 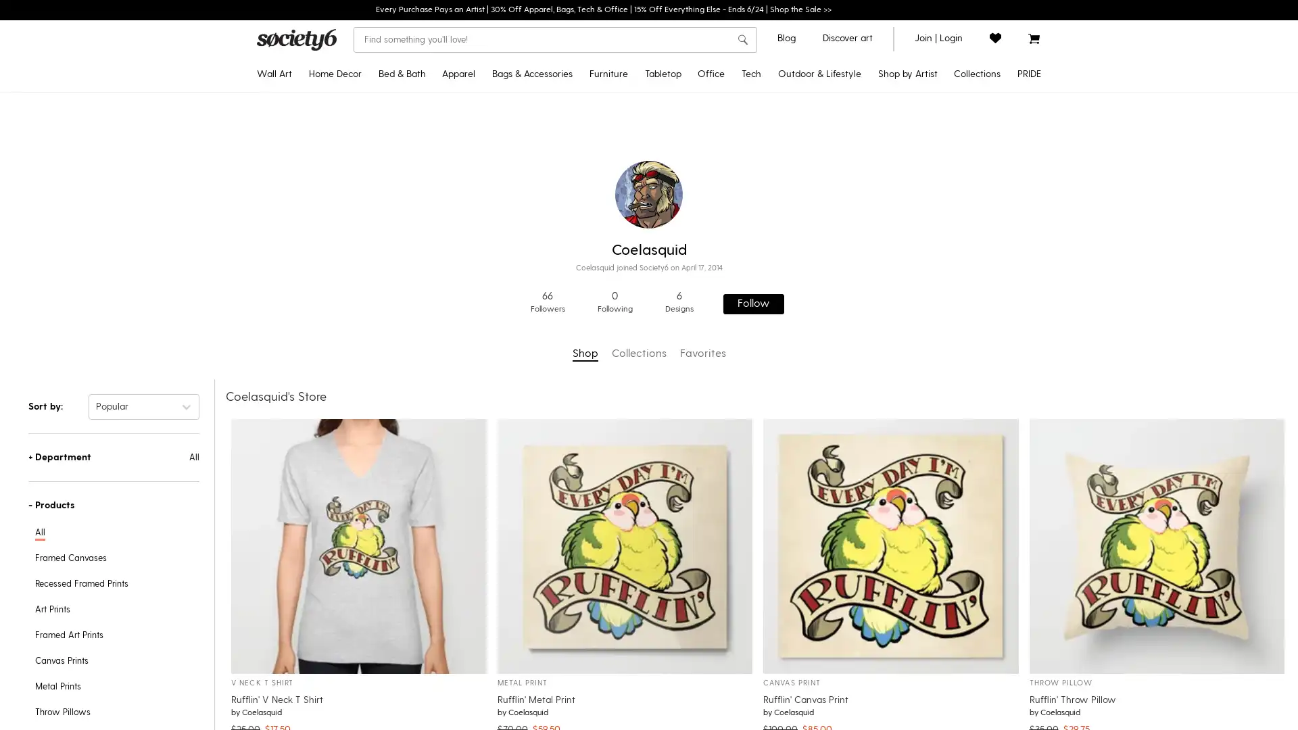 I want to click on Celebrate Pride Month, so click(x=975, y=108).